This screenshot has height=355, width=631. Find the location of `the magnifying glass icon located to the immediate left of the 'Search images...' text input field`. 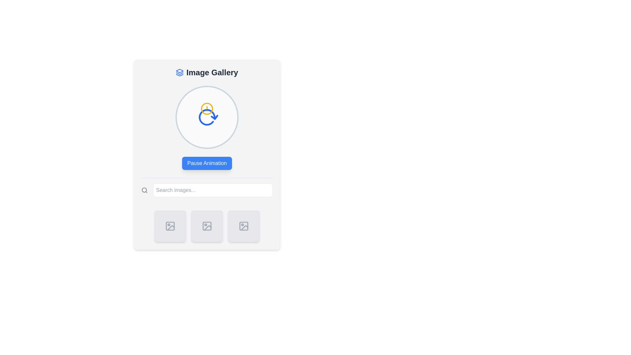

the magnifying glass icon located to the immediate left of the 'Search images...' text input field is located at coordinates (144, 190).